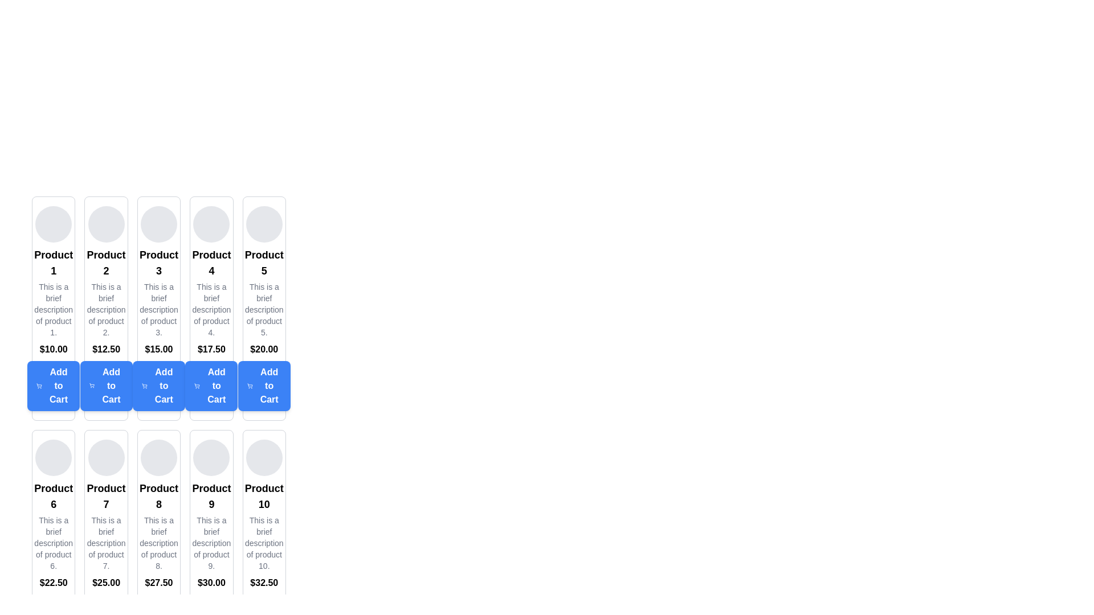 The image size is (1094, 615). Describe the element at coordinates (53, 386) in the screenshot. I see `the 'Add to Cart' button for 'Product 1'` at that location.